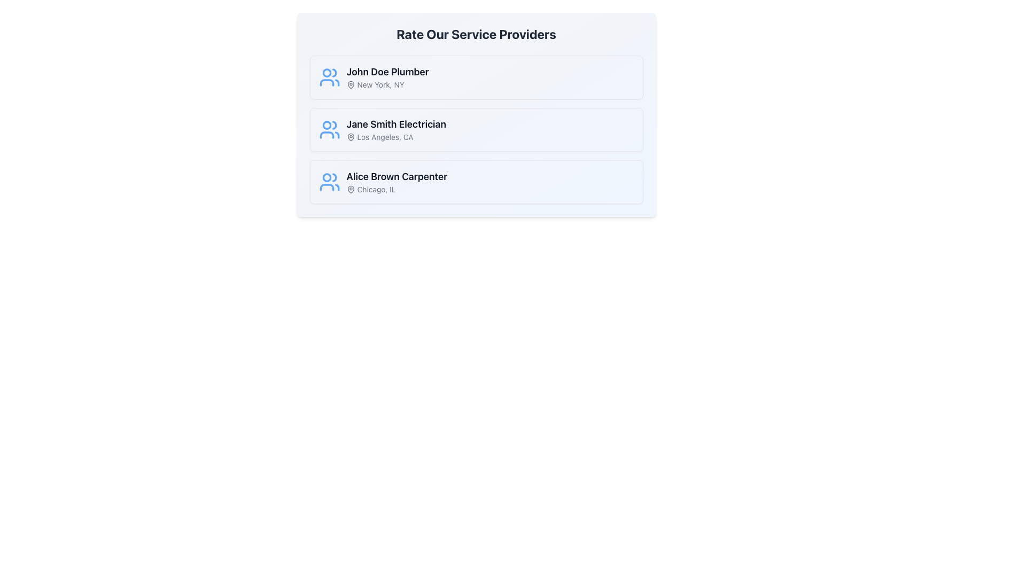  Describe the element at coordinates (329, 129) in the screenshot. I see `the group of people icon representing 'Jane Smith Electrician' which is styled in blue and positioned next to the text` at that location.